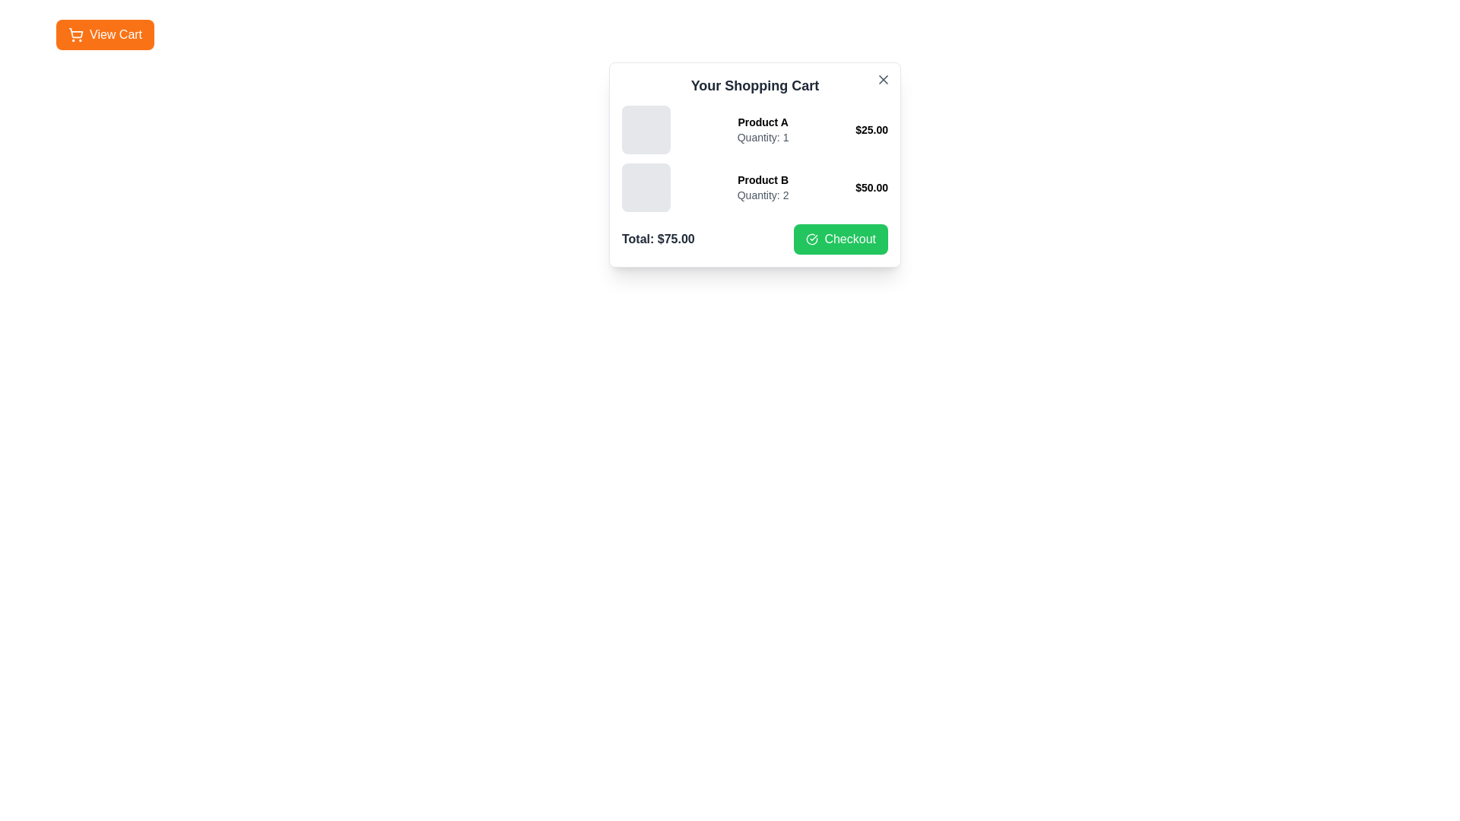 The image size is (1460, 821). I want to click on the shopping cart icon located within the 'View Cart' button in the upper-left corner of the interface, so click(75, 34).